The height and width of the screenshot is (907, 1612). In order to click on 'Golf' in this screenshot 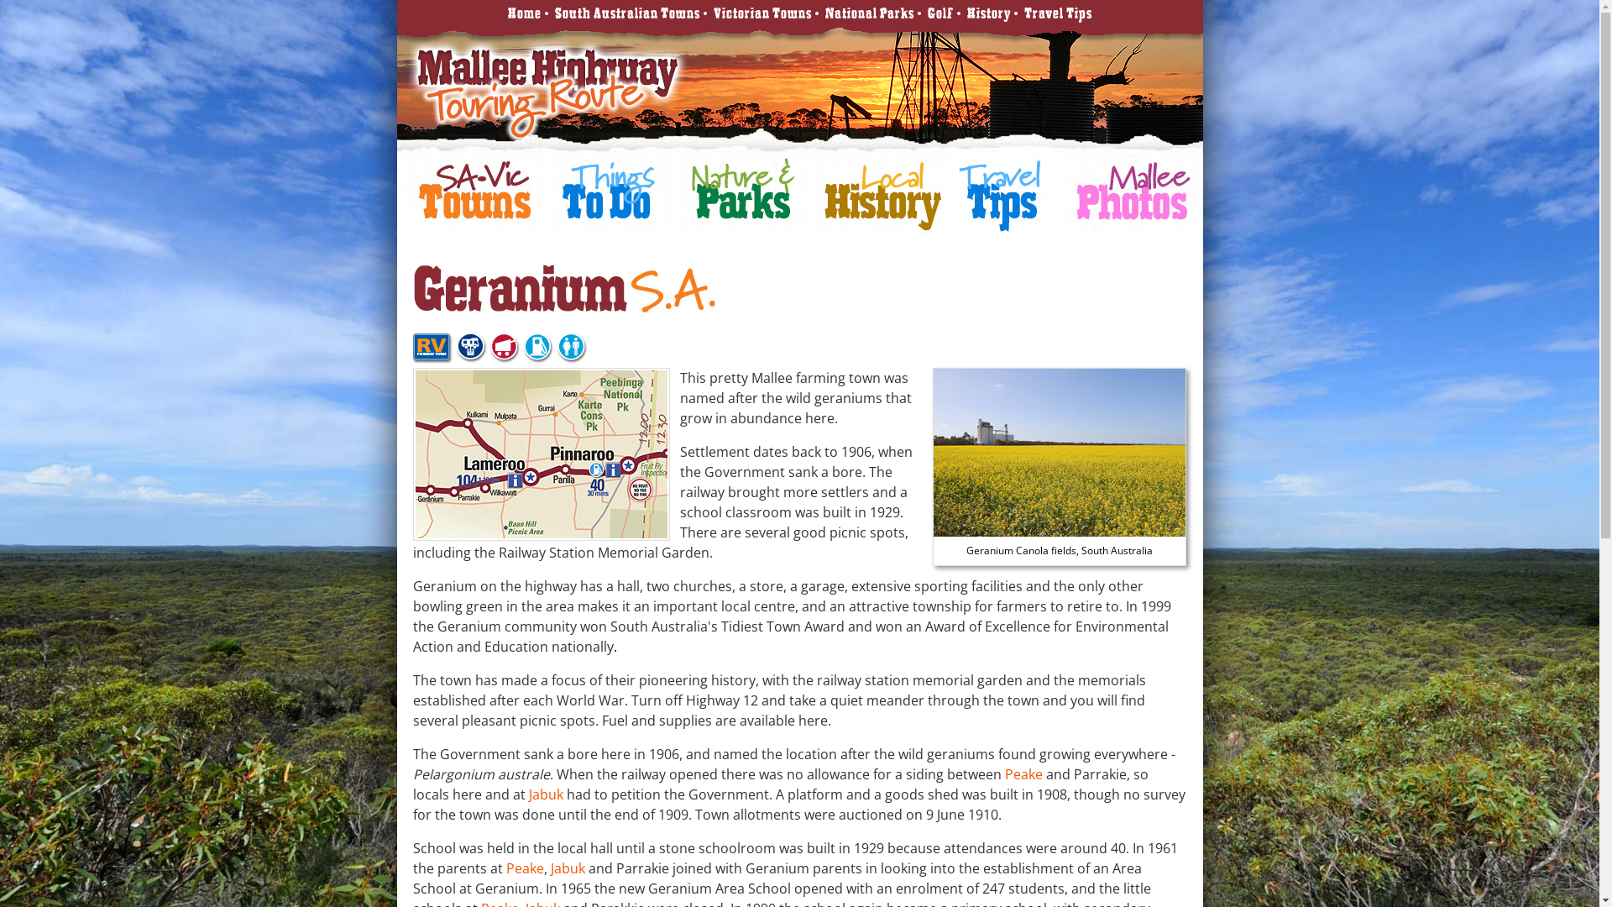, I will do `click(926, 13)`.